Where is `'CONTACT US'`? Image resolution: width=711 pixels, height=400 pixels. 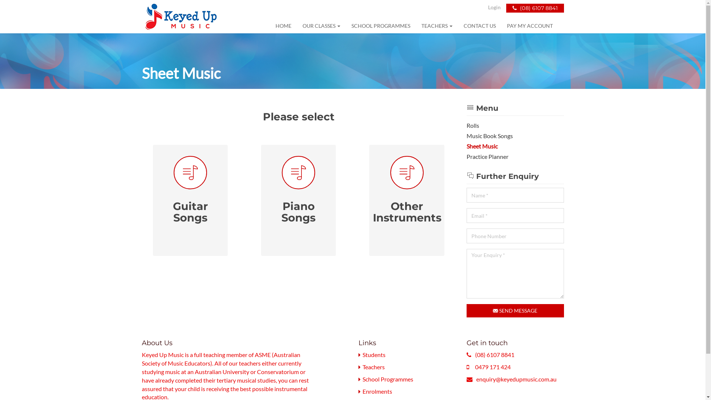 'CONTACT US' is located at coordinates (457, 25).